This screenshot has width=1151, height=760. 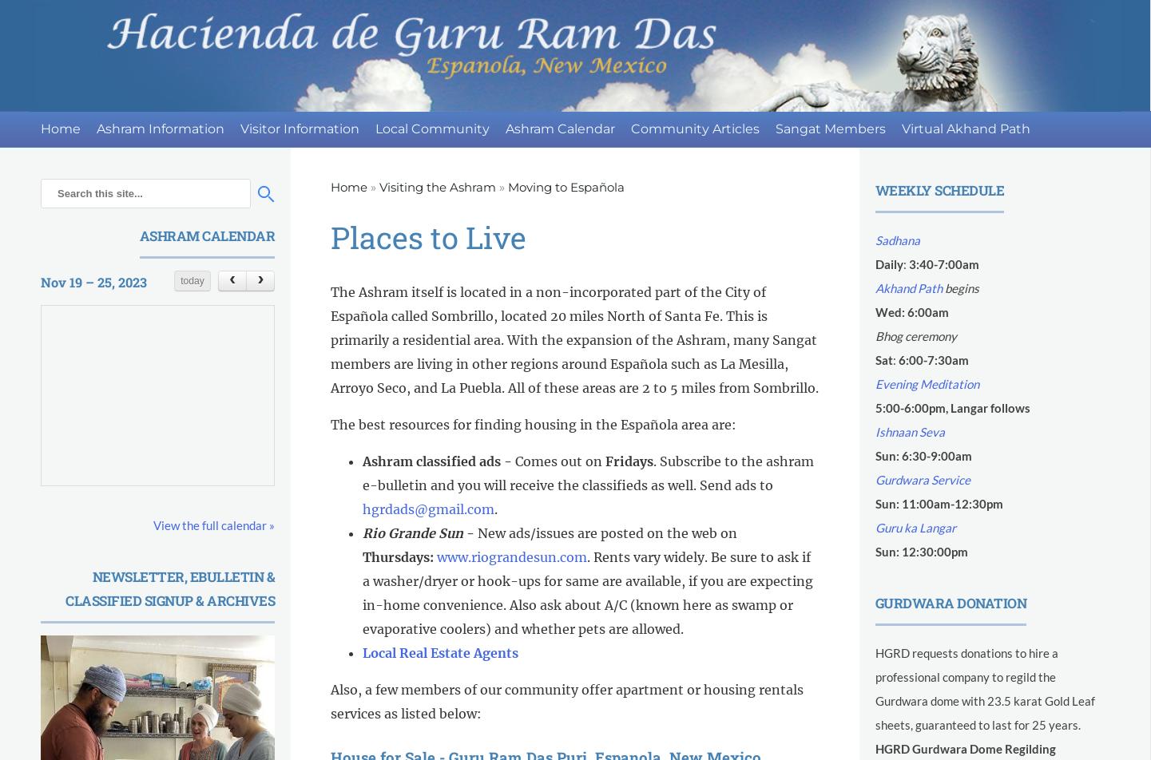 I want to click on 'Sun: 11:00am-12:30pm', so click(x=938, y=503).